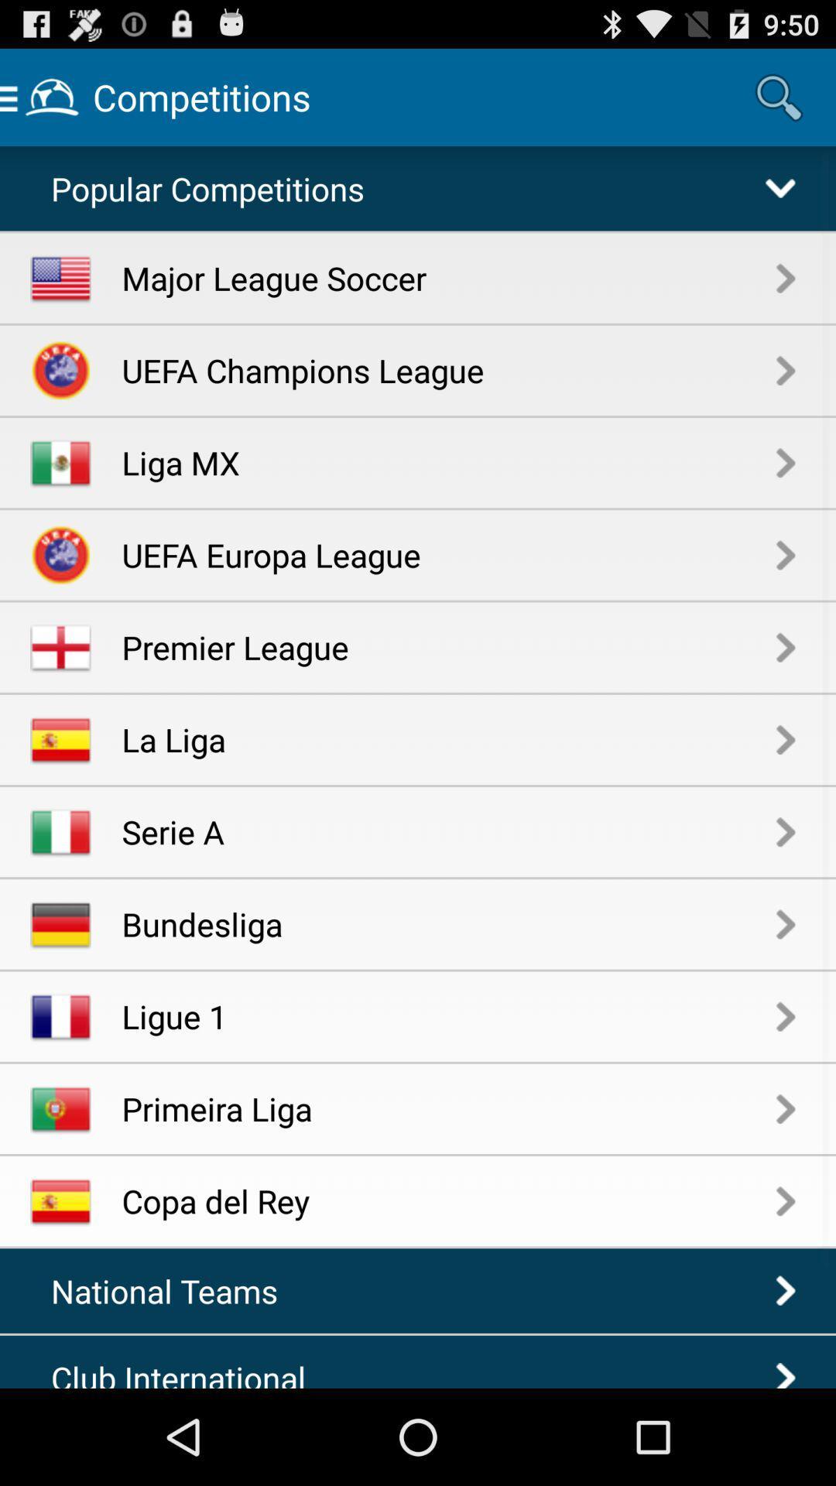  I want to click on major league soccer icon, so click(449, 278).